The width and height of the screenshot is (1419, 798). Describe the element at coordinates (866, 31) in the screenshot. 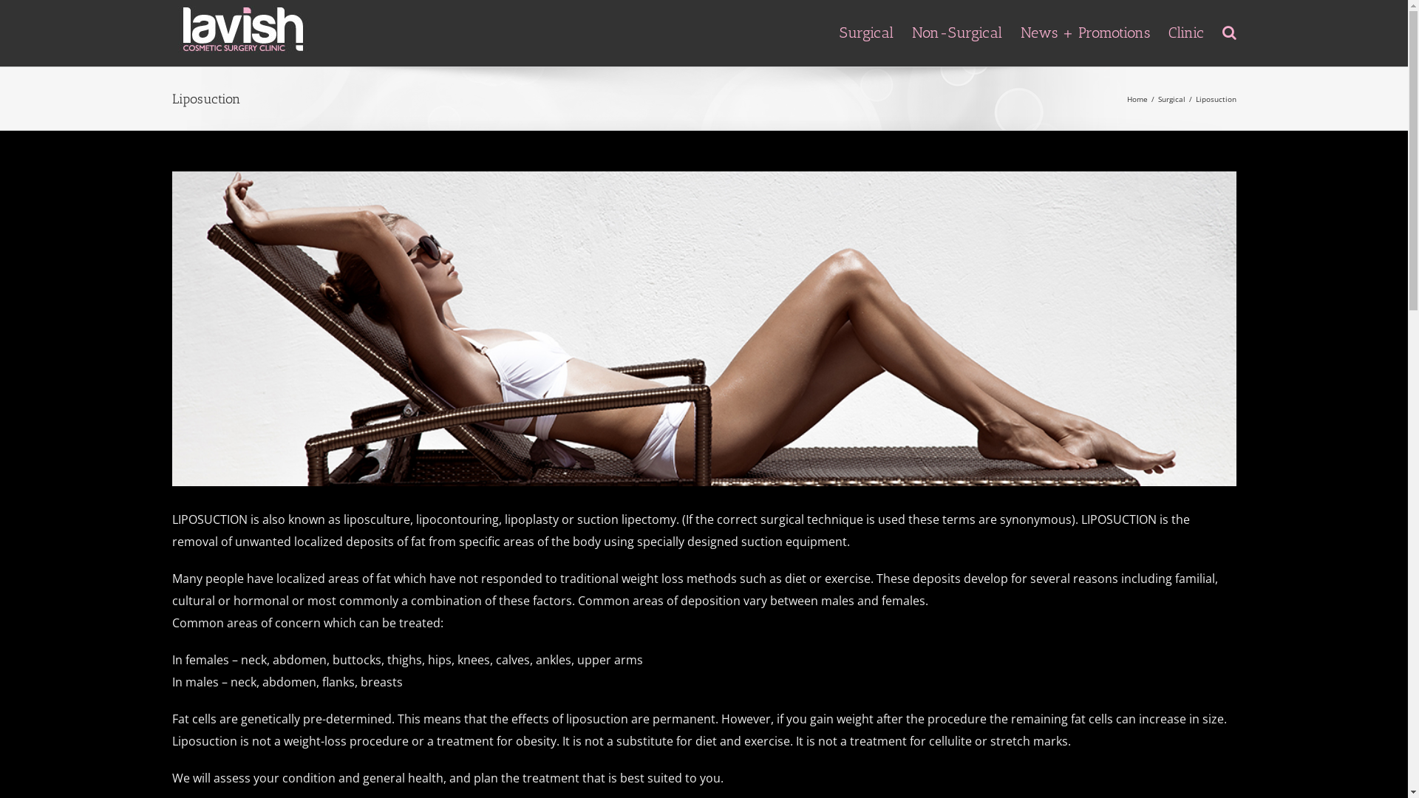

I see `'Surgical'` at that location.